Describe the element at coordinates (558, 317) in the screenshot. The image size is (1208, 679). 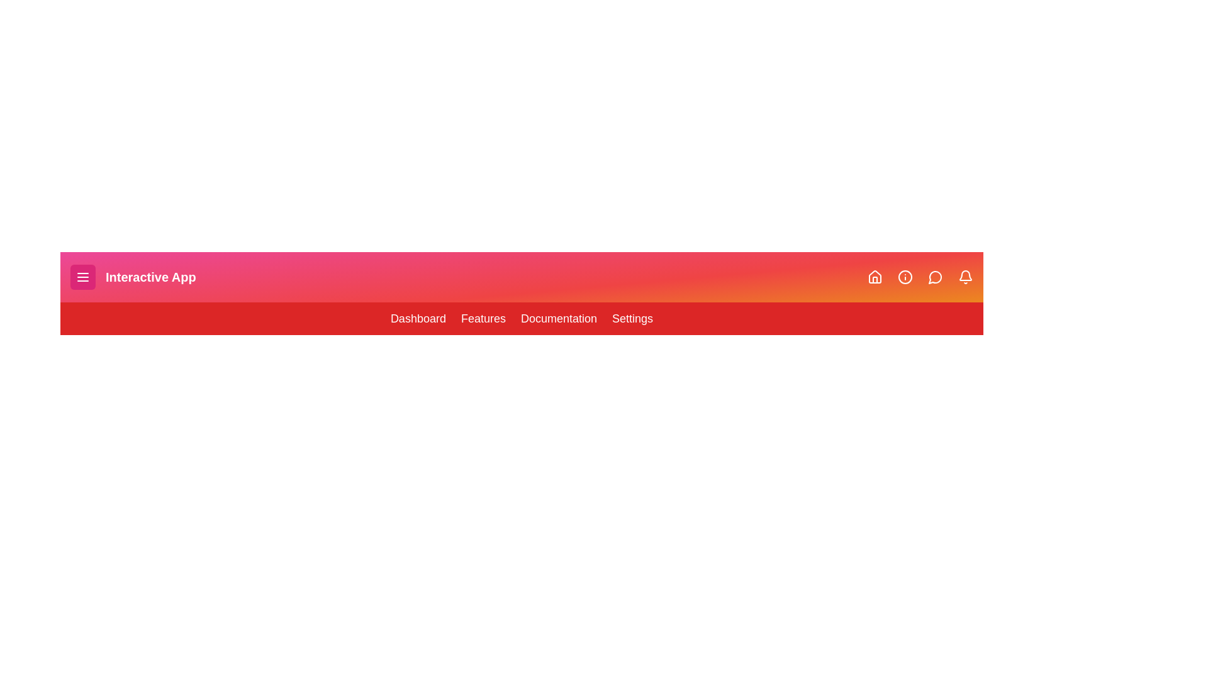
I see `the menu item Documentation from the menu bar` at that location.